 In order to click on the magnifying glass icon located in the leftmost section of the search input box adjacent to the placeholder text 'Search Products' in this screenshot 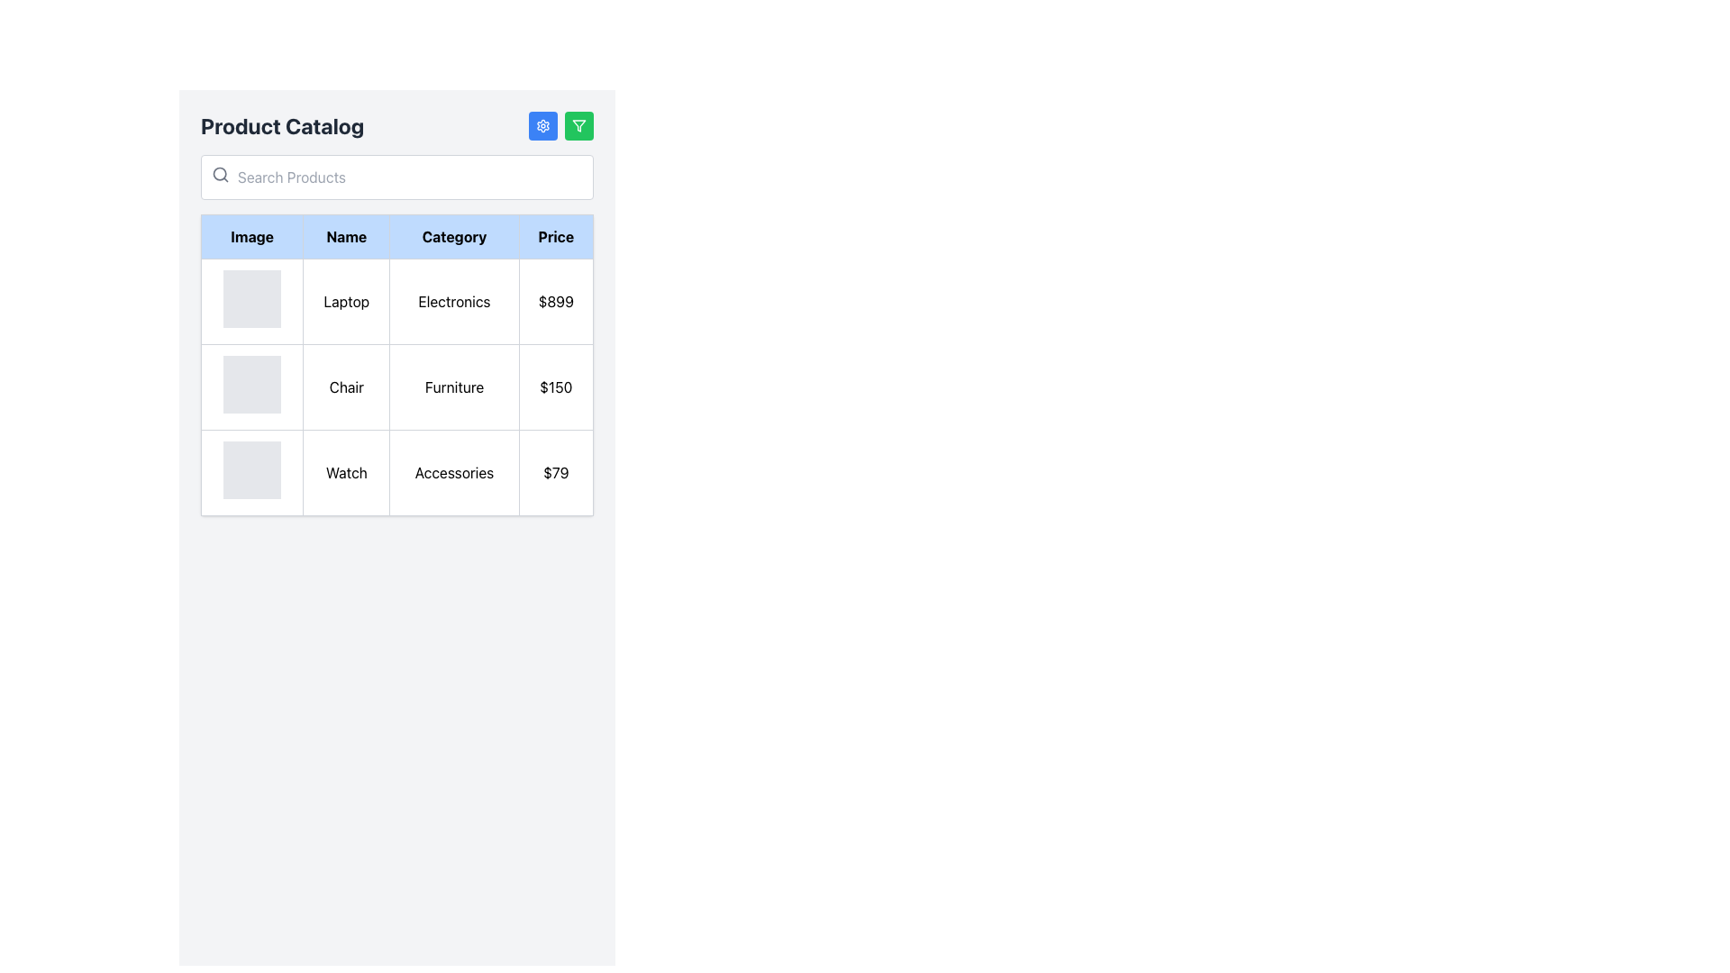, I will do `click(219, 174)`.